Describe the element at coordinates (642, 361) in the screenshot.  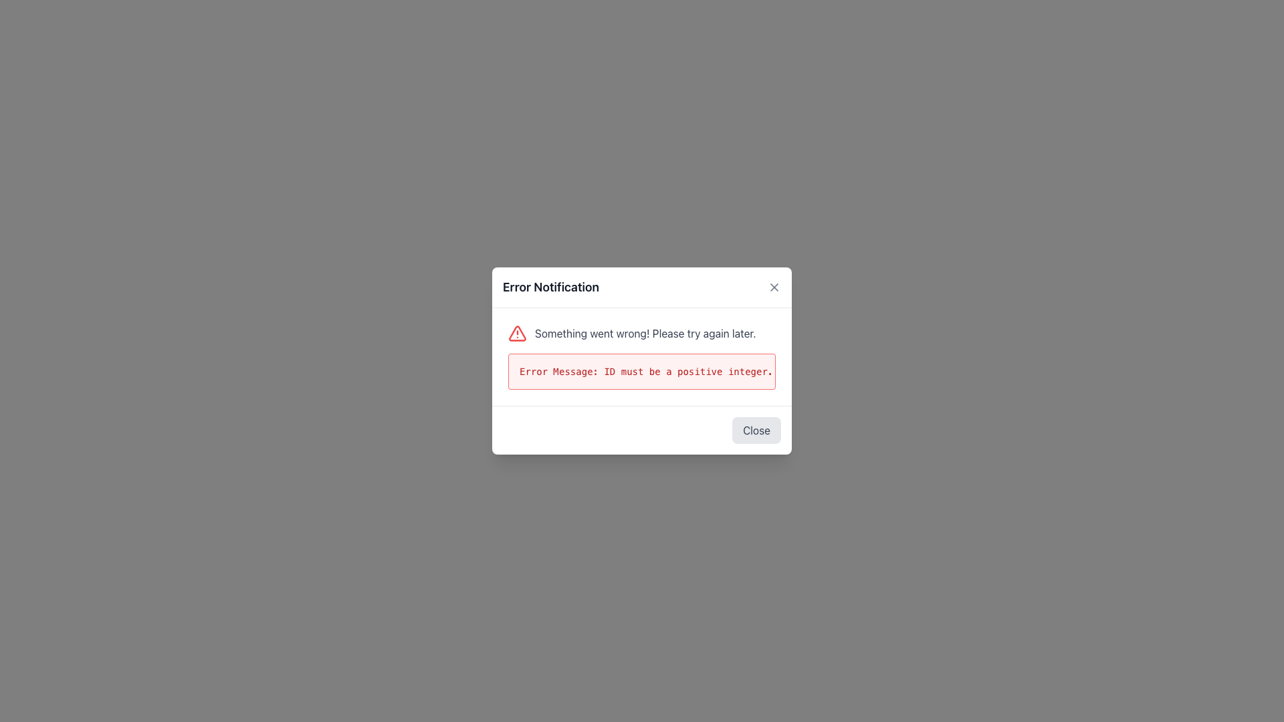
I see `error details displayed in the central modal dialog box that notifies the user of an error` at that location.